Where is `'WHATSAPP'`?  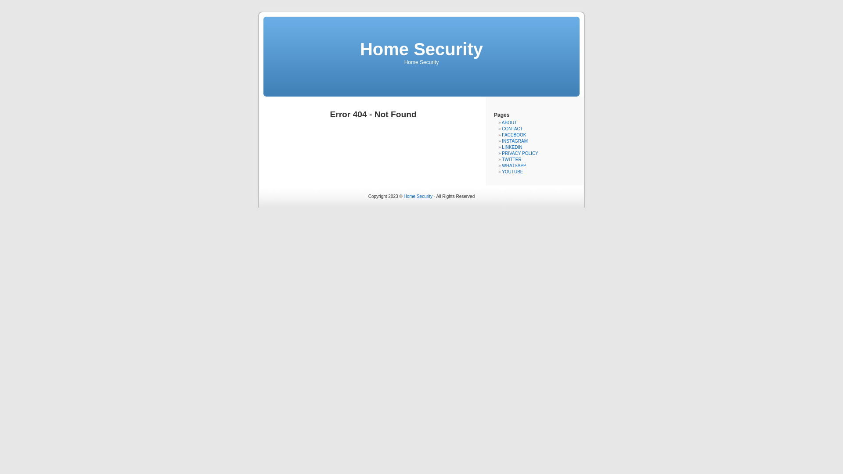 'WHATSAPP' is located at coordinates (501, 165).